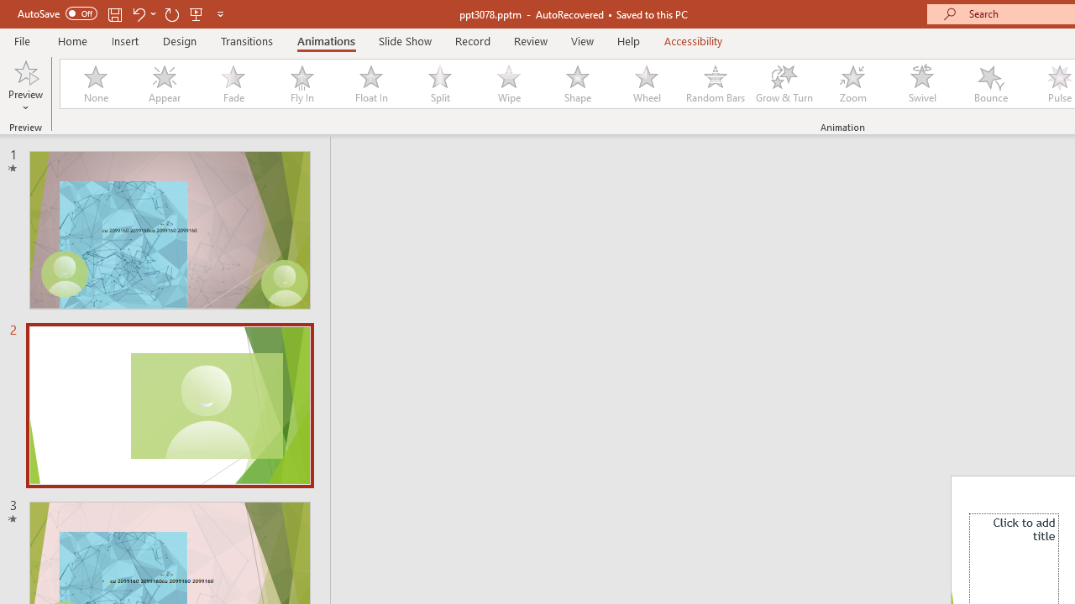 Image resolution: width=1075 pixels, height=604 pixels. I want to click on 'None', so click(94, 84).